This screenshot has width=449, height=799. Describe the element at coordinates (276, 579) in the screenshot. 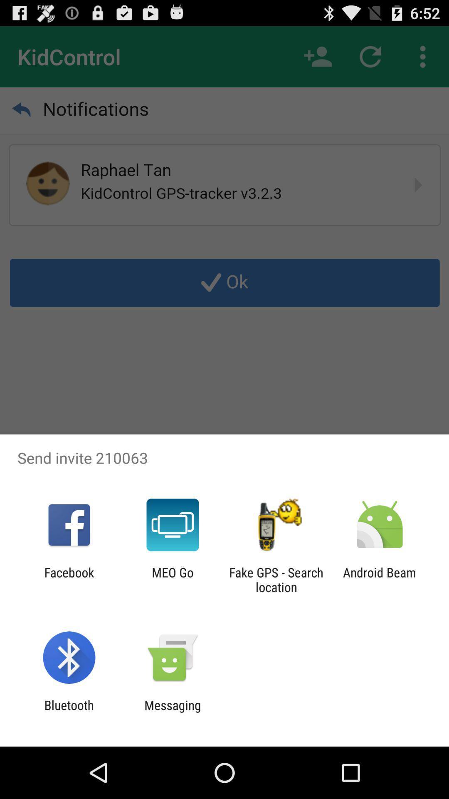

I see `item next to android beam app` at that location.